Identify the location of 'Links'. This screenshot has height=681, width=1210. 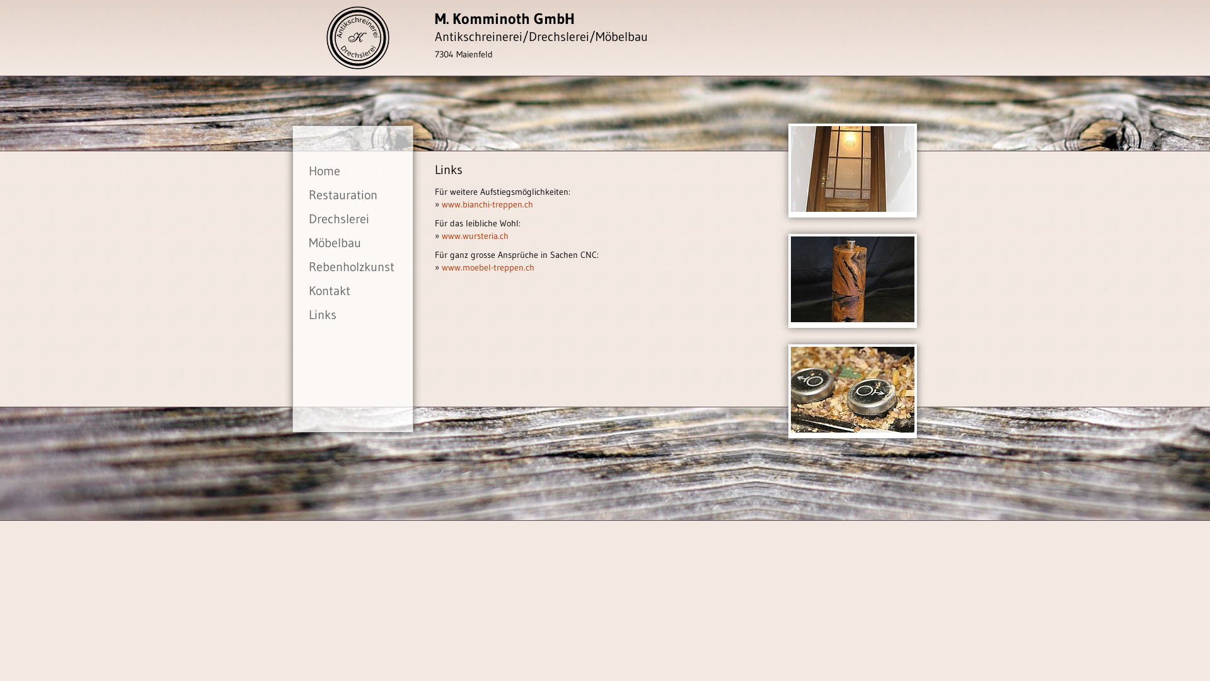
(353, 313).